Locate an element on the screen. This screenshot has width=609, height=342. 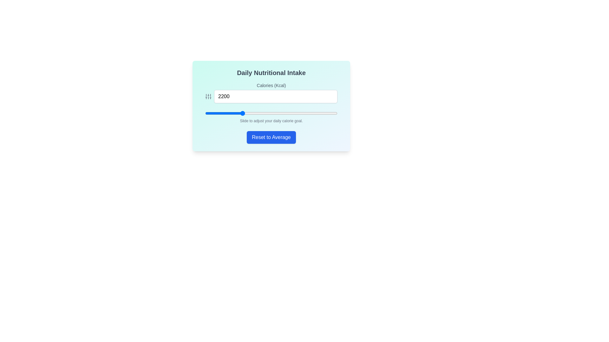
the calorie goal is located at coordinates (331, 113).